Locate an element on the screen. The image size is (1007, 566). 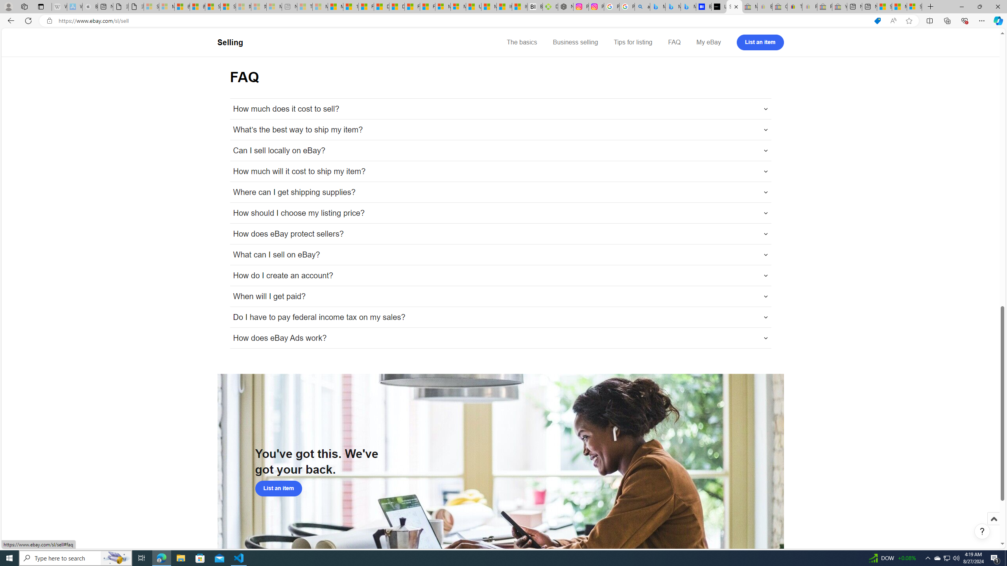
'FAQ' is located at coordinates (673, 42).